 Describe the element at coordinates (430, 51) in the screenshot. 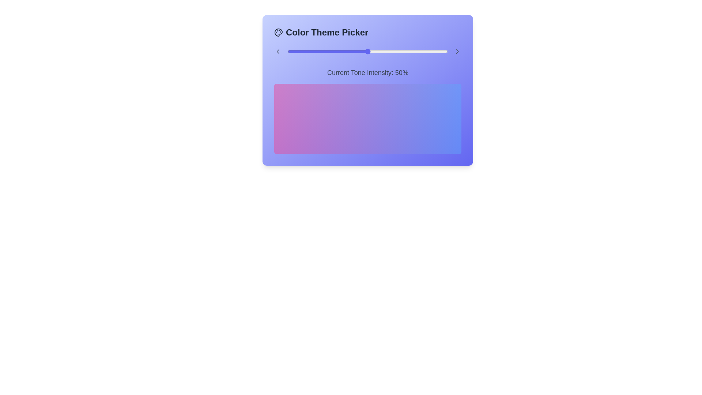

I see `the slider to set the color intensity to 89%` at that location.